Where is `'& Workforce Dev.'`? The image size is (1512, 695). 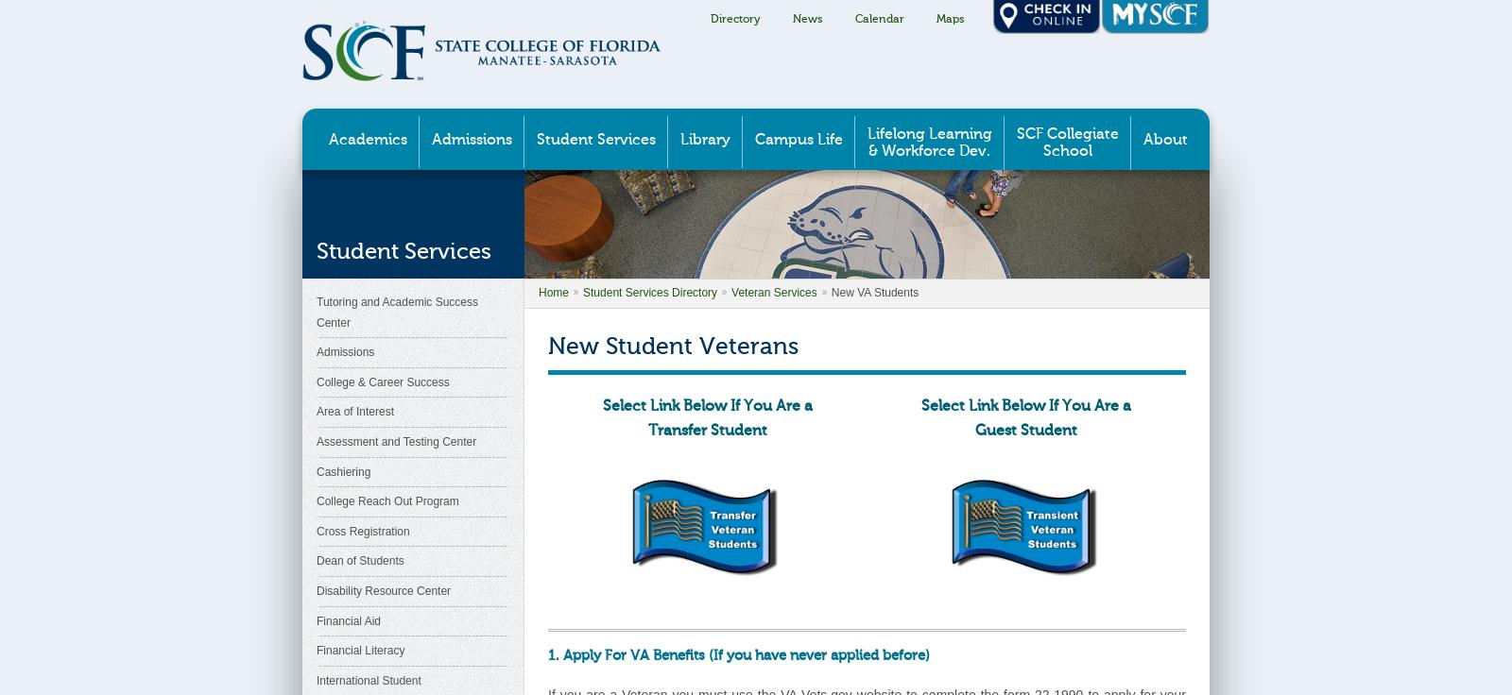 '& Workforce Dev.' is located at coordinates (928, 151).